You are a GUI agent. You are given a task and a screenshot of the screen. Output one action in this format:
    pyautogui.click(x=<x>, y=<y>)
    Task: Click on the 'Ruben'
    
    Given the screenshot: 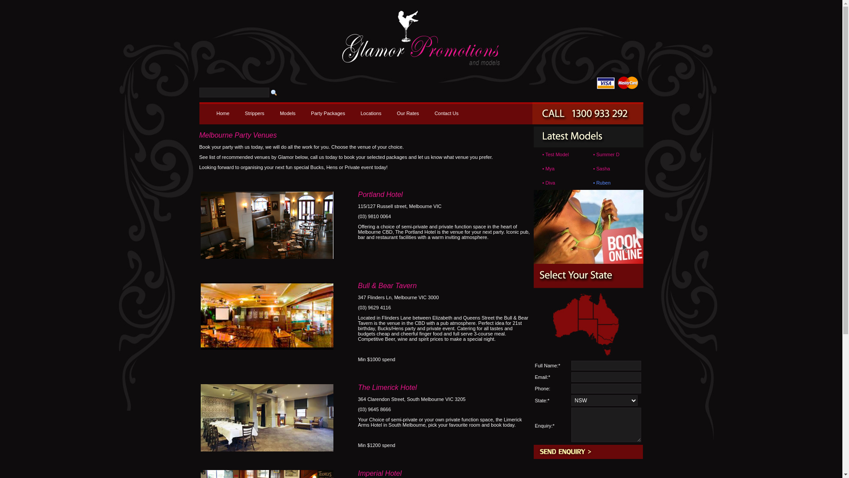 What is the action you would take?
    pyautogui.click(x=602, y=182)
    